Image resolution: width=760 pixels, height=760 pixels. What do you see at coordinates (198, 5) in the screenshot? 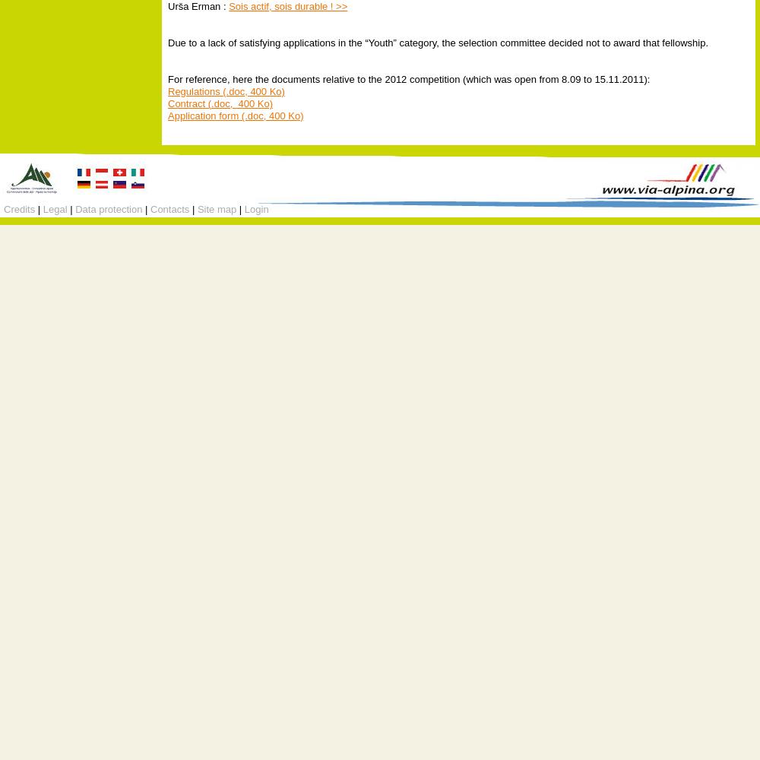
I see `'Urša Erman :'` at bounding box center [198, 5].